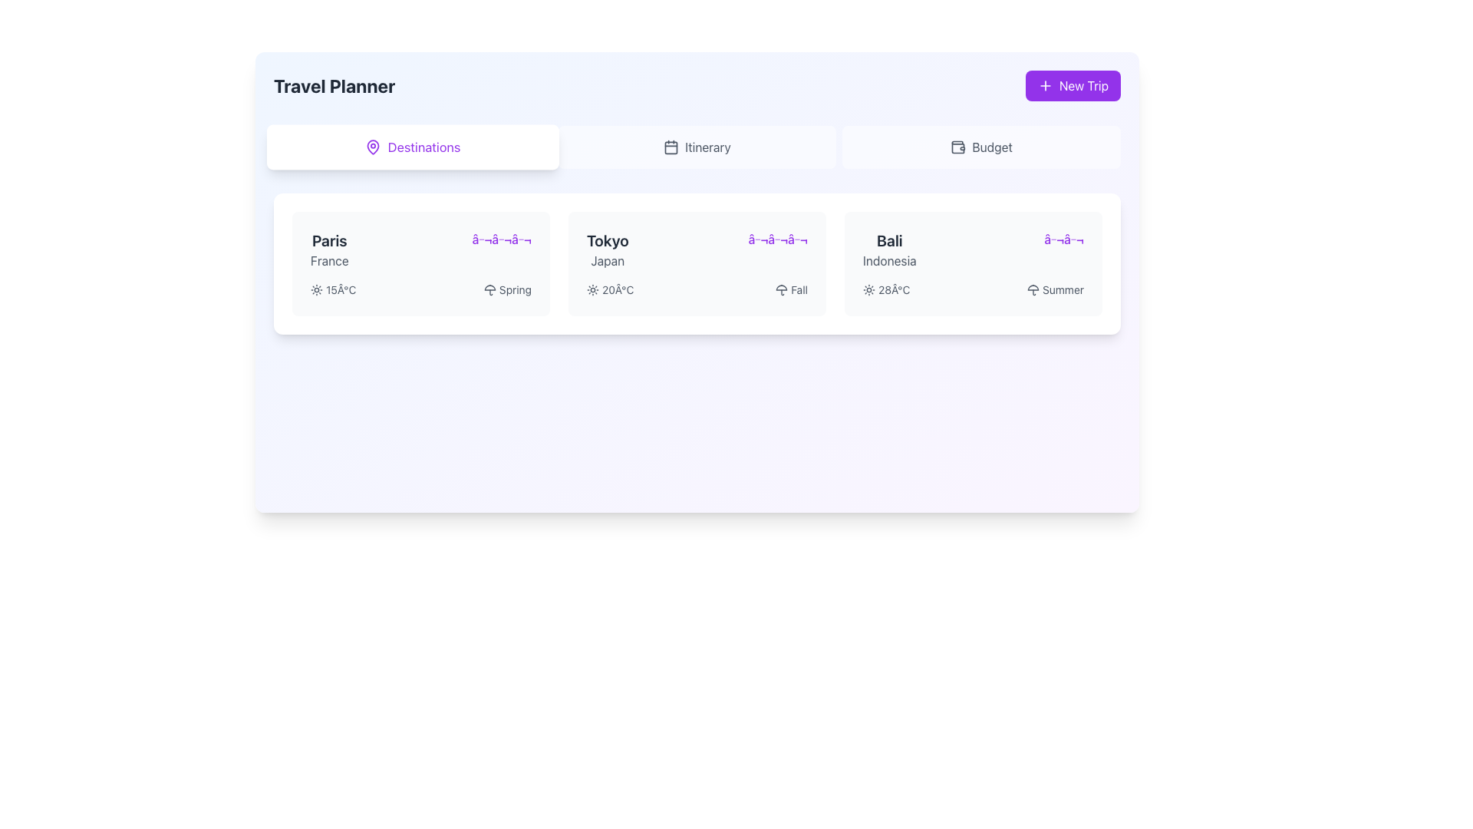  I want to click on the Text Label located within the button on the upper-right section of the interface, which indicates navigation to a 'Budget'-related view, so click(992, 147).